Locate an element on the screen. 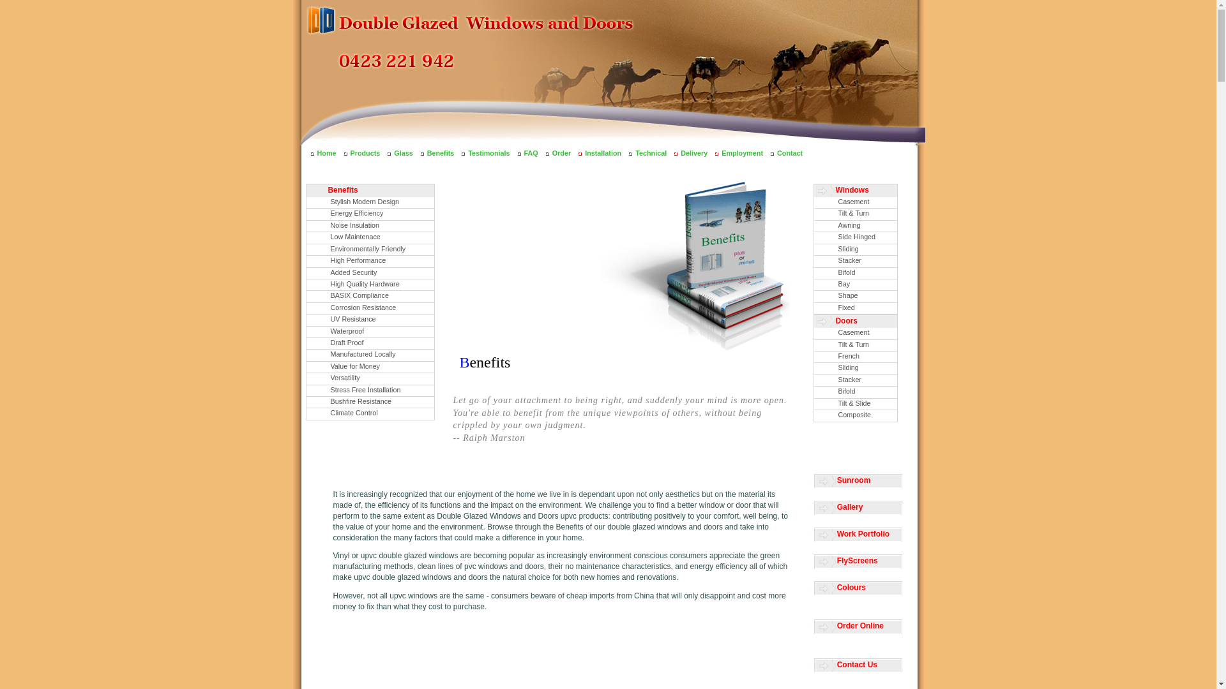 This screenshot has height=689, width=1226. 'Manufactured Locally' is located at coordinates (370, 355).